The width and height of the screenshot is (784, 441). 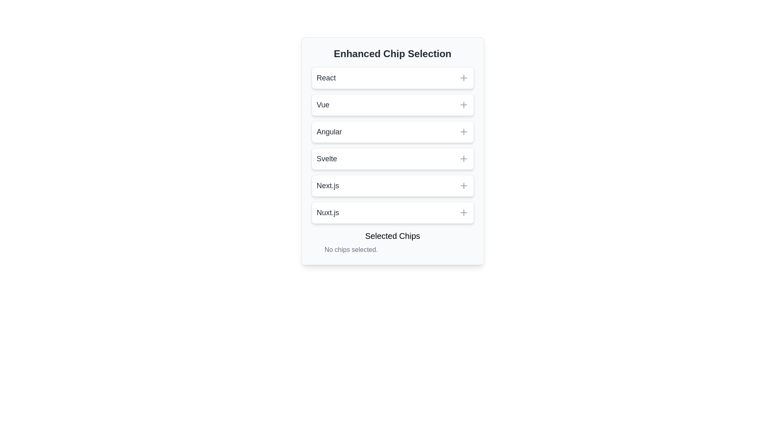 I want to click on the static text label representing the 'Svelte' option in the Enhanced Chip Selection panel, located in the third row between 'React' and 'Next.js', so click(x=327, y=159).